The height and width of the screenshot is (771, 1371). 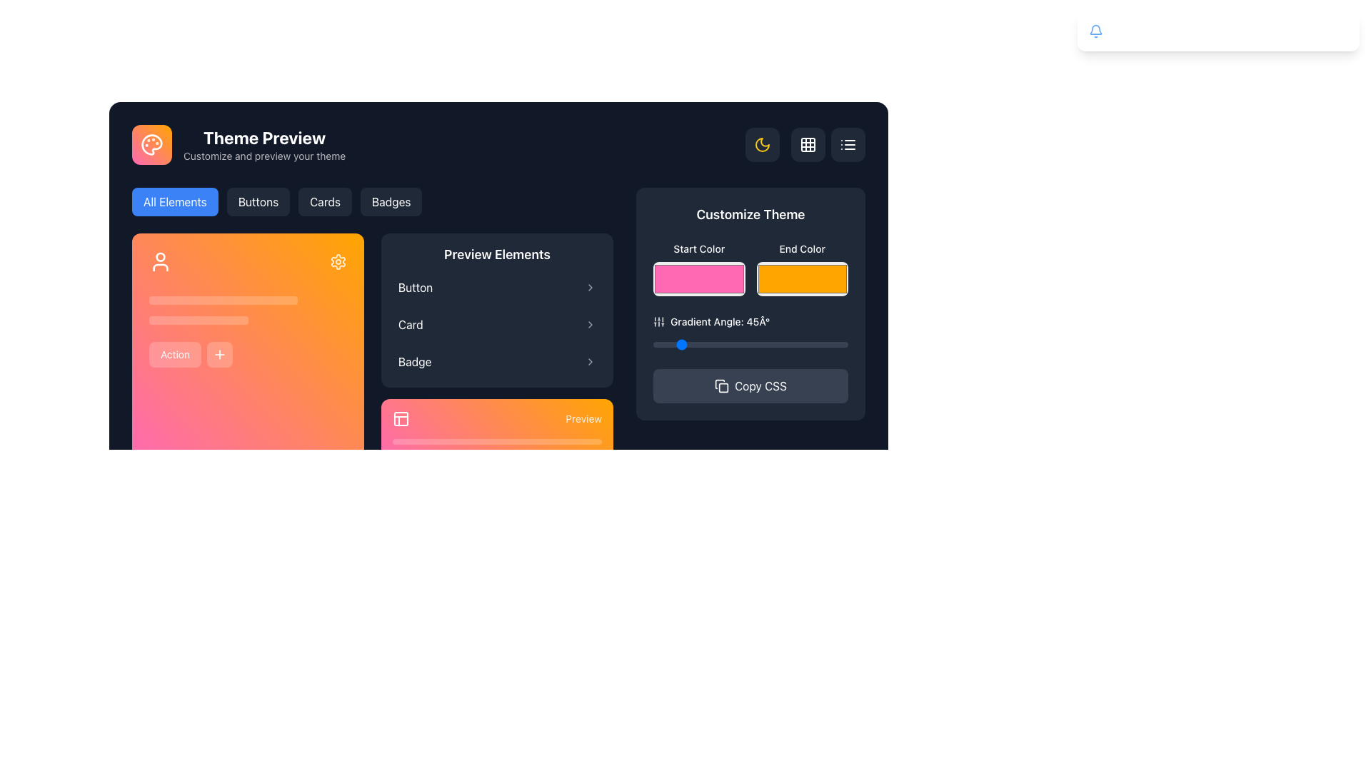 I want to click on the gradient angle, so click(x=729, y=344).